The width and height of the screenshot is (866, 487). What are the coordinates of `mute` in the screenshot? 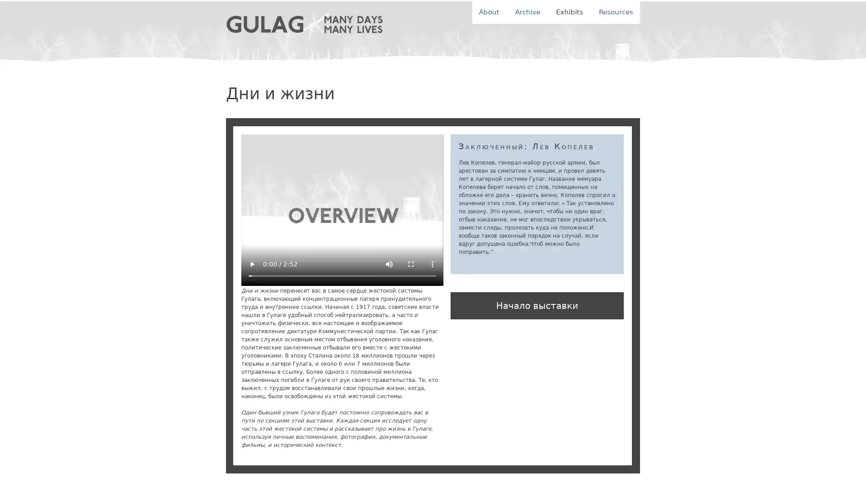 It's located at (389, 264).